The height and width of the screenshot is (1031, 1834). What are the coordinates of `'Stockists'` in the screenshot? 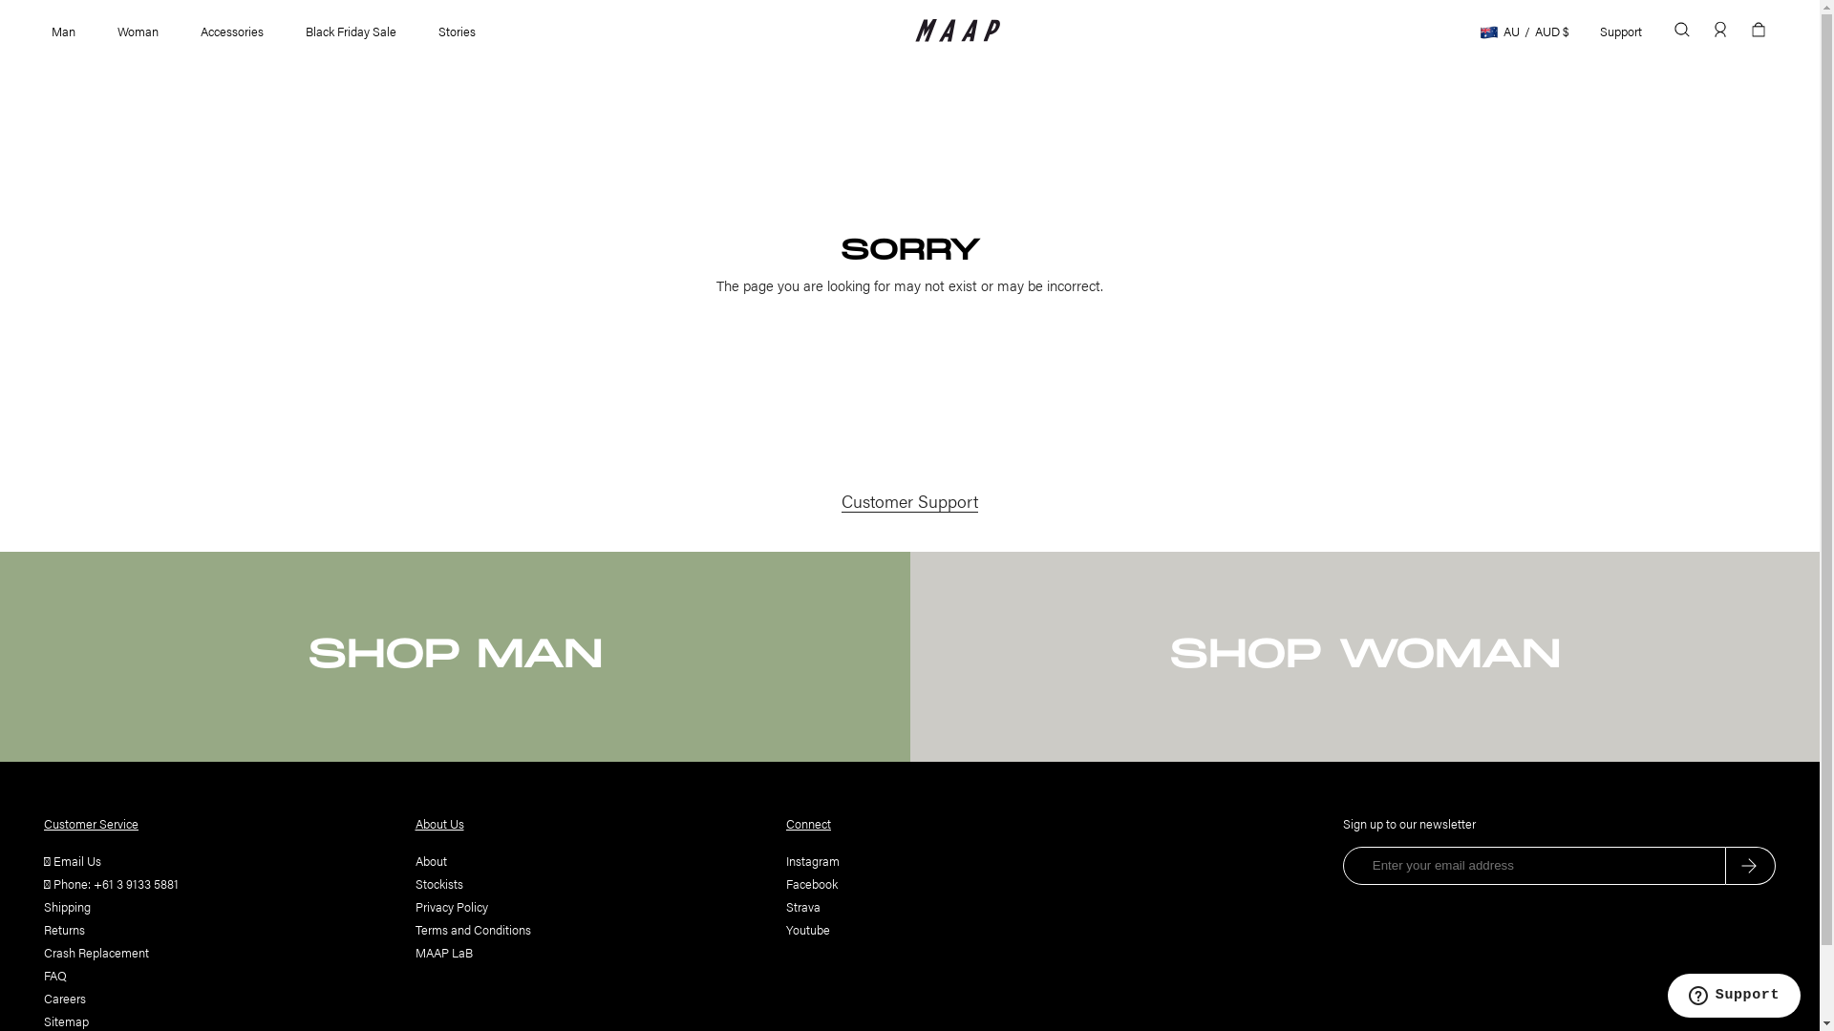 It's located at (437, 883).